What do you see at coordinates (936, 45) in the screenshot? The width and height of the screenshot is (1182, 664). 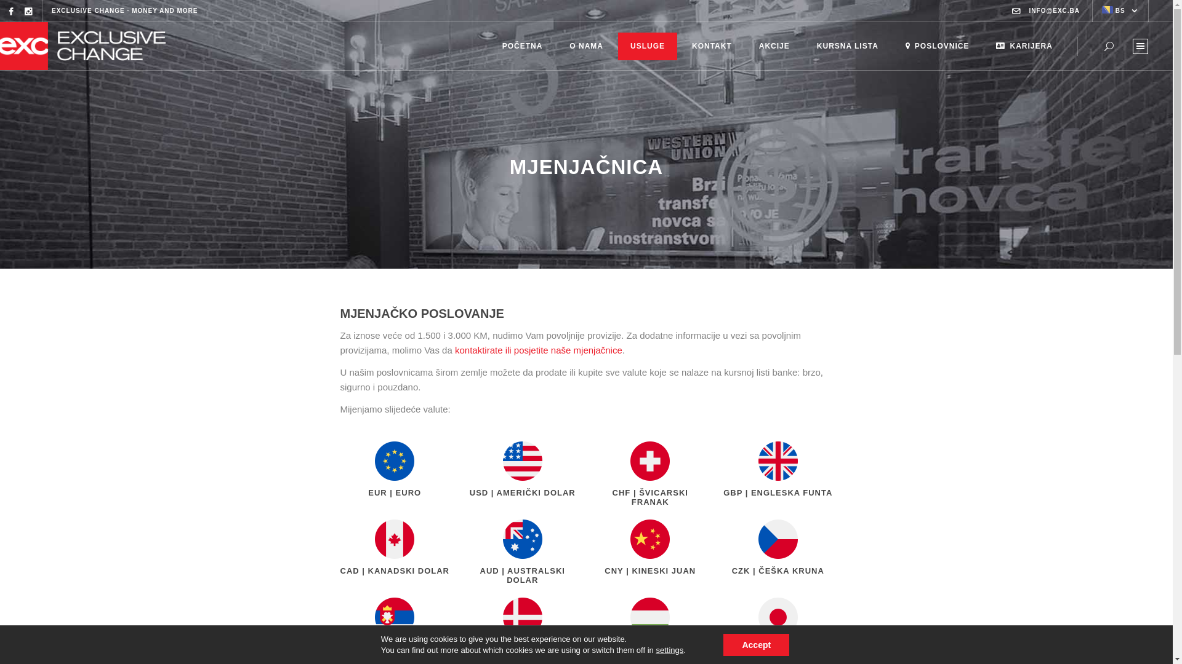 I see `'POSLOVNICE'` at bounding box center [936, 45].